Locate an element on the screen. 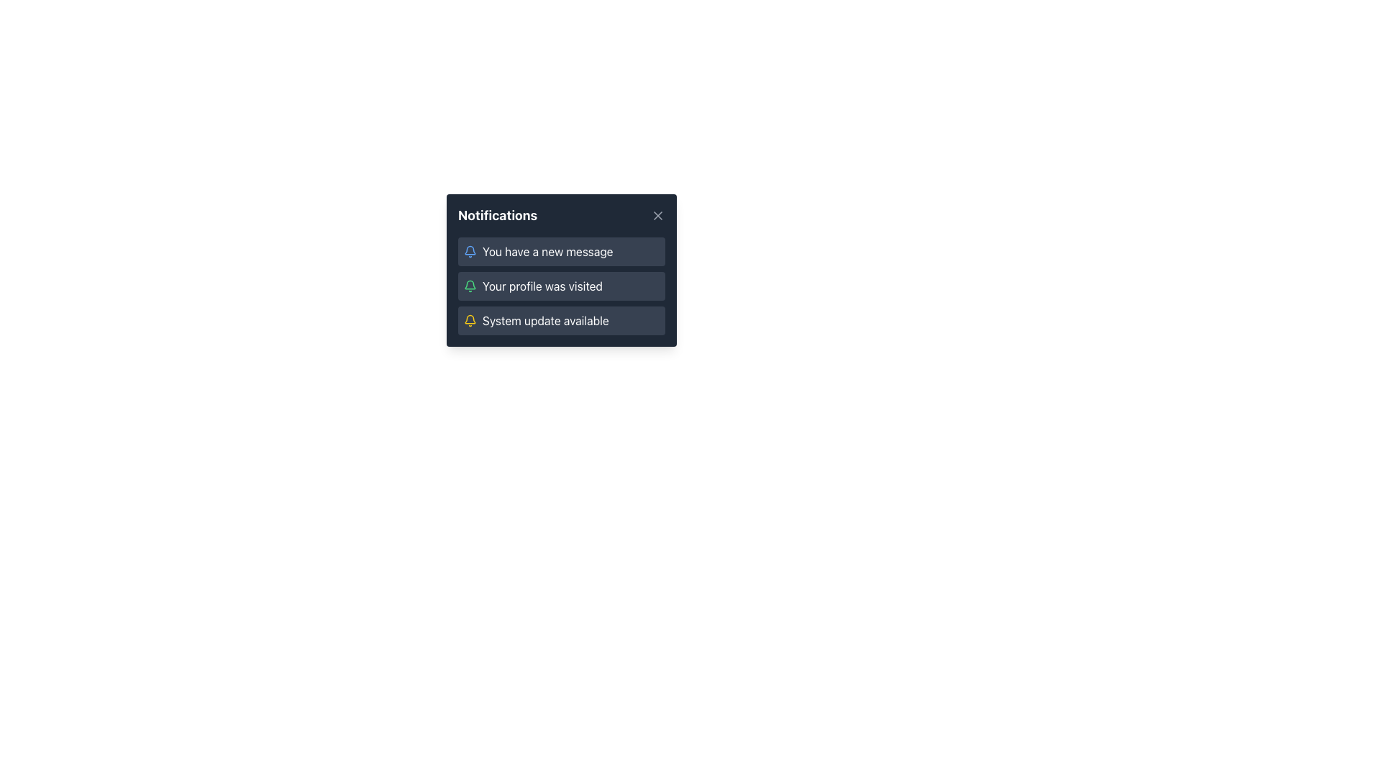 The image size is (1381, 777). notification message indicating that the user's profile has been visited, which is the second item in the notification panel's vertical list is located at coordinates (542, 286).